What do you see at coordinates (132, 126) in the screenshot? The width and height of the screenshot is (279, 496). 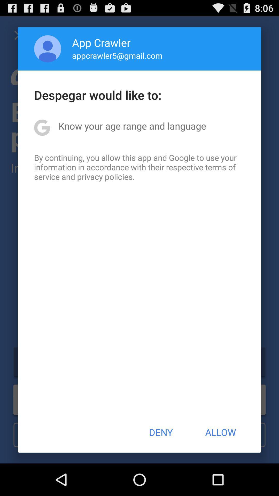 I see `the item above by continuing you` at bounding box center [132, 126].